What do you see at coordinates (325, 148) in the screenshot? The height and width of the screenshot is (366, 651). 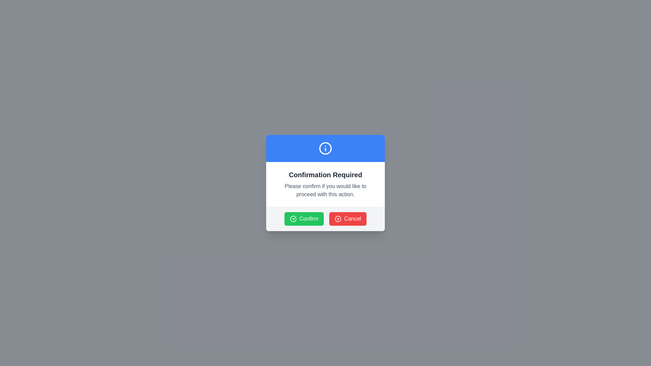 I see `the blue rectangular header panel with an informational icon located at the top of the modal dialog box, which features a centered white information icon with a circular border` at bounding box center [325, 148].